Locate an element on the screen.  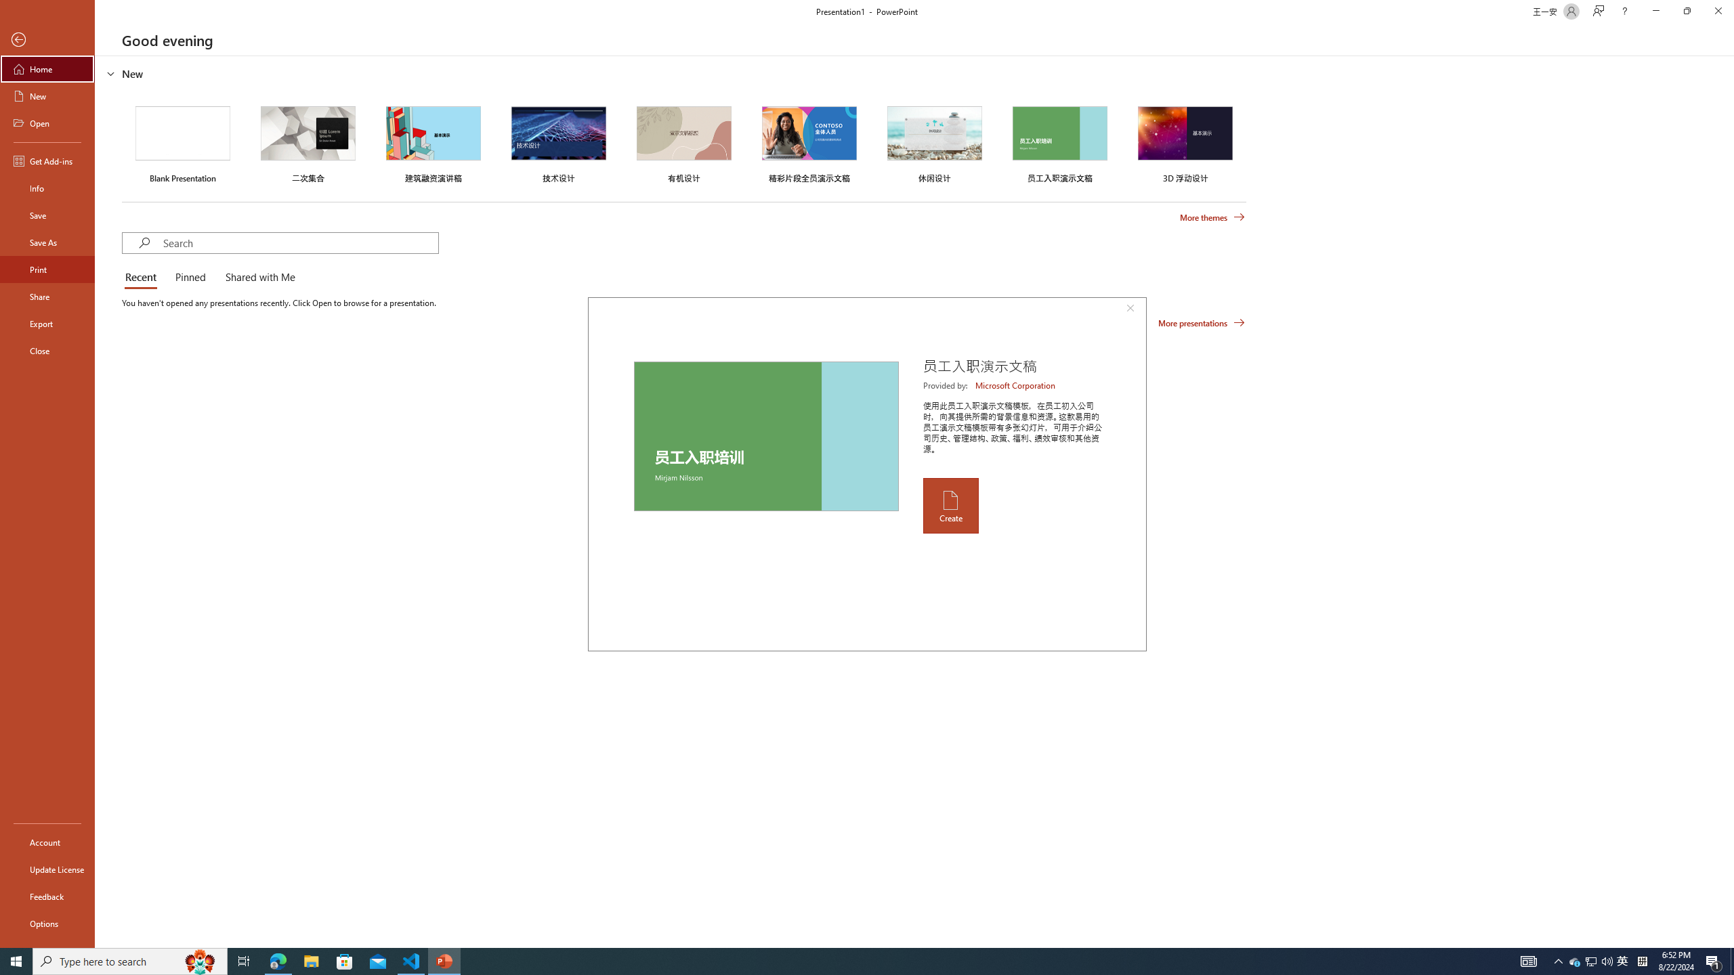
'More themes' is located at coordinates (1212, 217).